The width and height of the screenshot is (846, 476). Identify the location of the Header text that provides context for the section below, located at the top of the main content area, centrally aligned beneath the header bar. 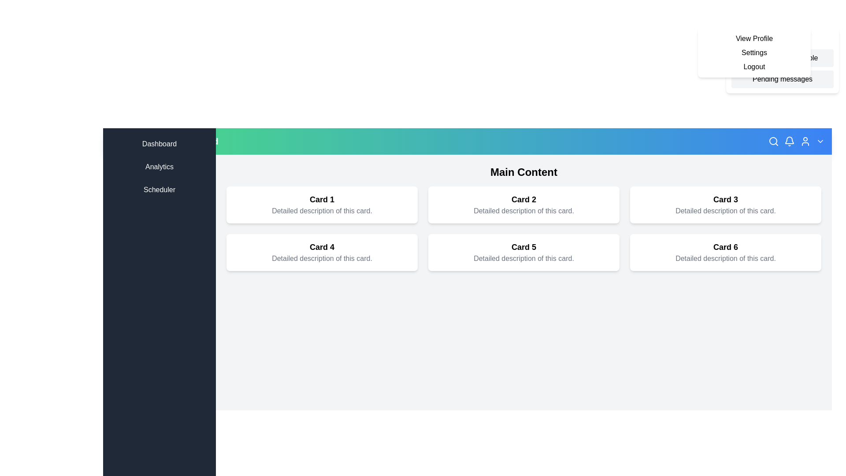
(524, 172).